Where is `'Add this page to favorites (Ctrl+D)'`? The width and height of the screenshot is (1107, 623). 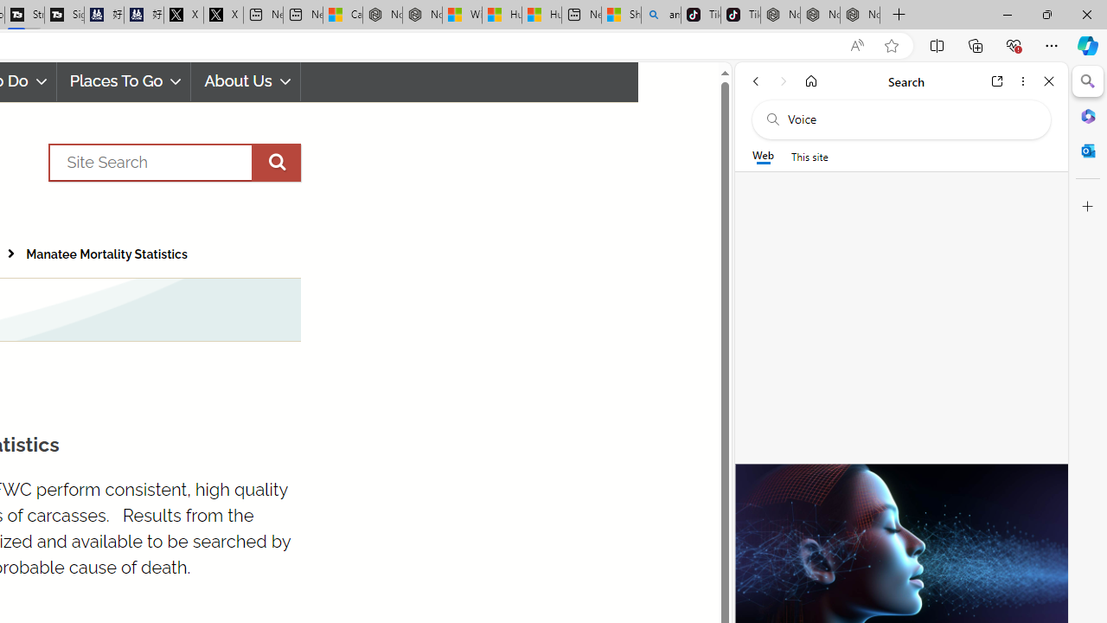
'Add this page to favorites (Ctrl+D)' is located at coordinates (892, 45).